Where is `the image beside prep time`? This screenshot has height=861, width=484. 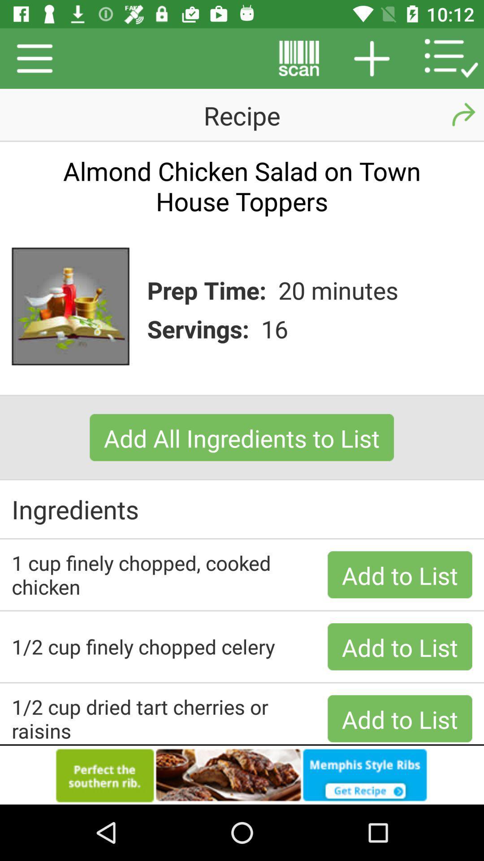
the image beside prep time is located at coordinates (70, 306).